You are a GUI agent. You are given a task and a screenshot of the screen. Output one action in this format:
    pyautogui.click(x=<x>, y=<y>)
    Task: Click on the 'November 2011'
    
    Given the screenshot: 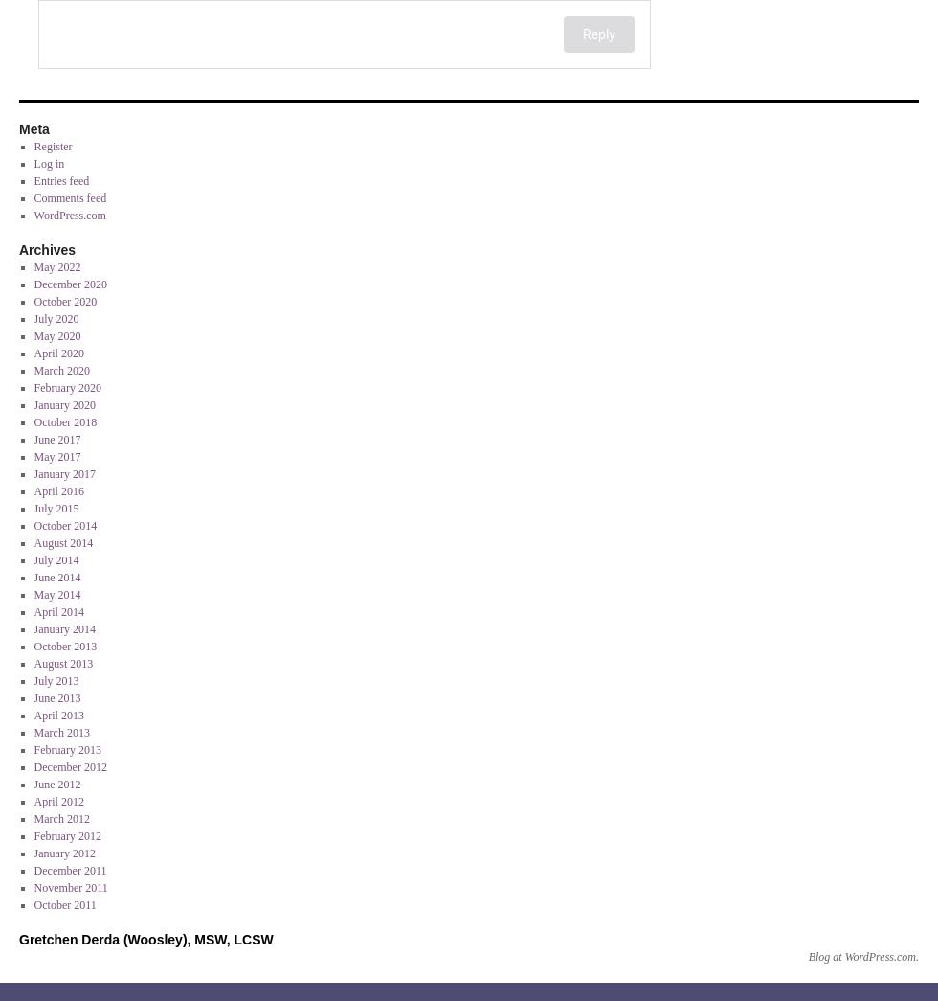 What is the action you would take?
    pyautogui.click(x=70, y=888)
    